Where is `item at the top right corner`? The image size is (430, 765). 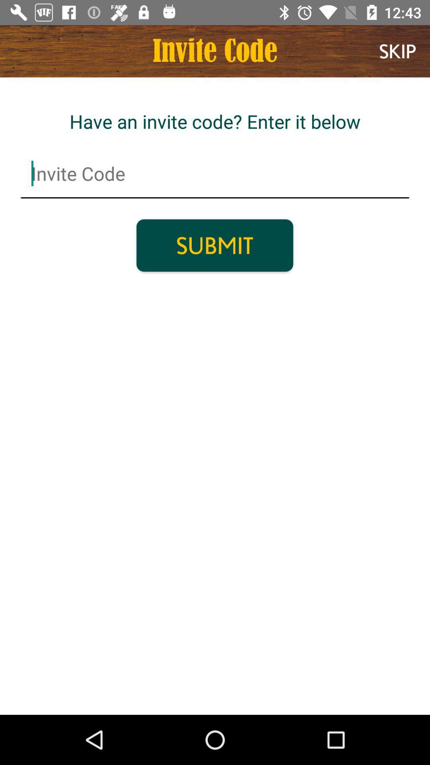 item at the top right corner is located at coordinates (397, 51).